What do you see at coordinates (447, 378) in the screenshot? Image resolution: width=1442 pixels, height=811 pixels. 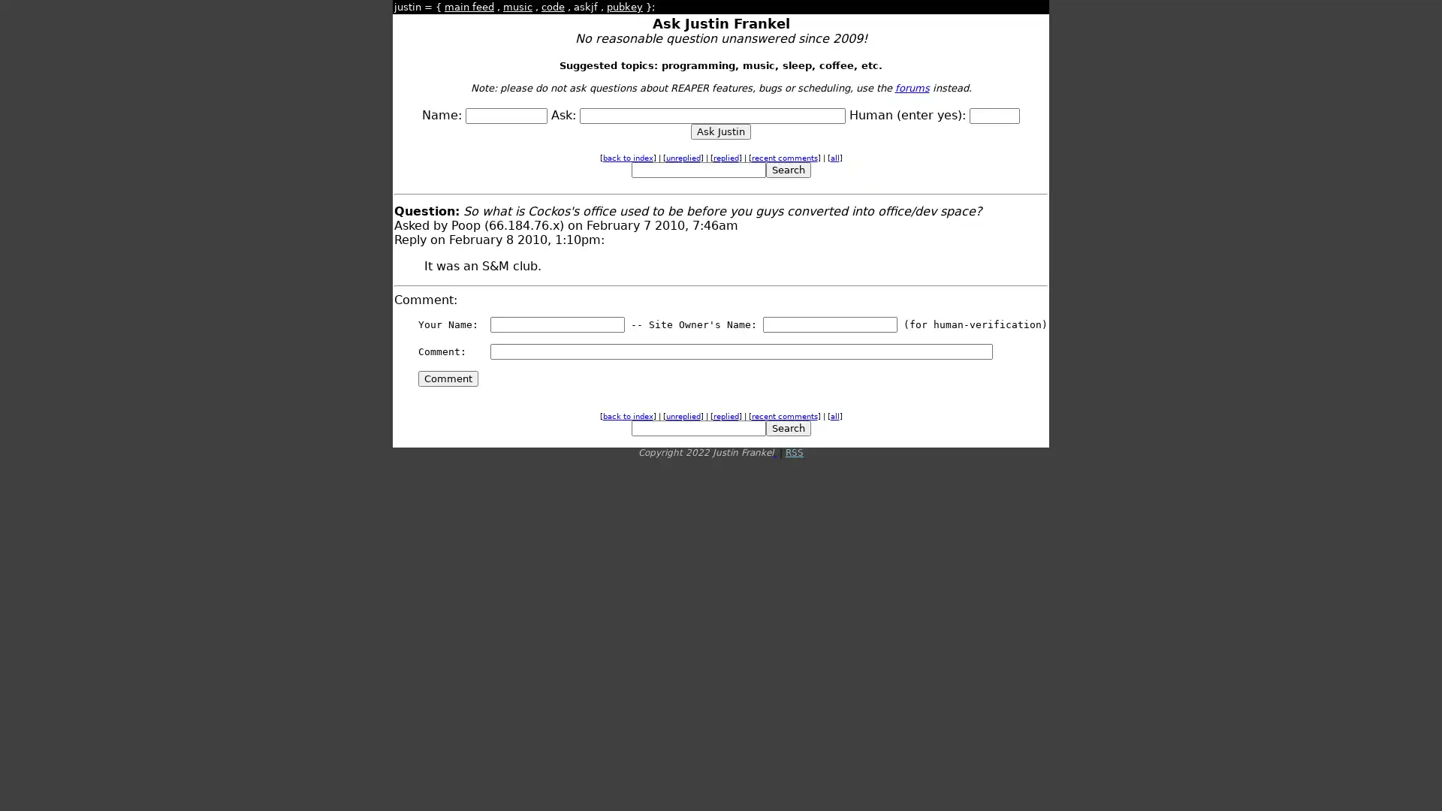 I see `Comment` at bounding box center [447, 378].